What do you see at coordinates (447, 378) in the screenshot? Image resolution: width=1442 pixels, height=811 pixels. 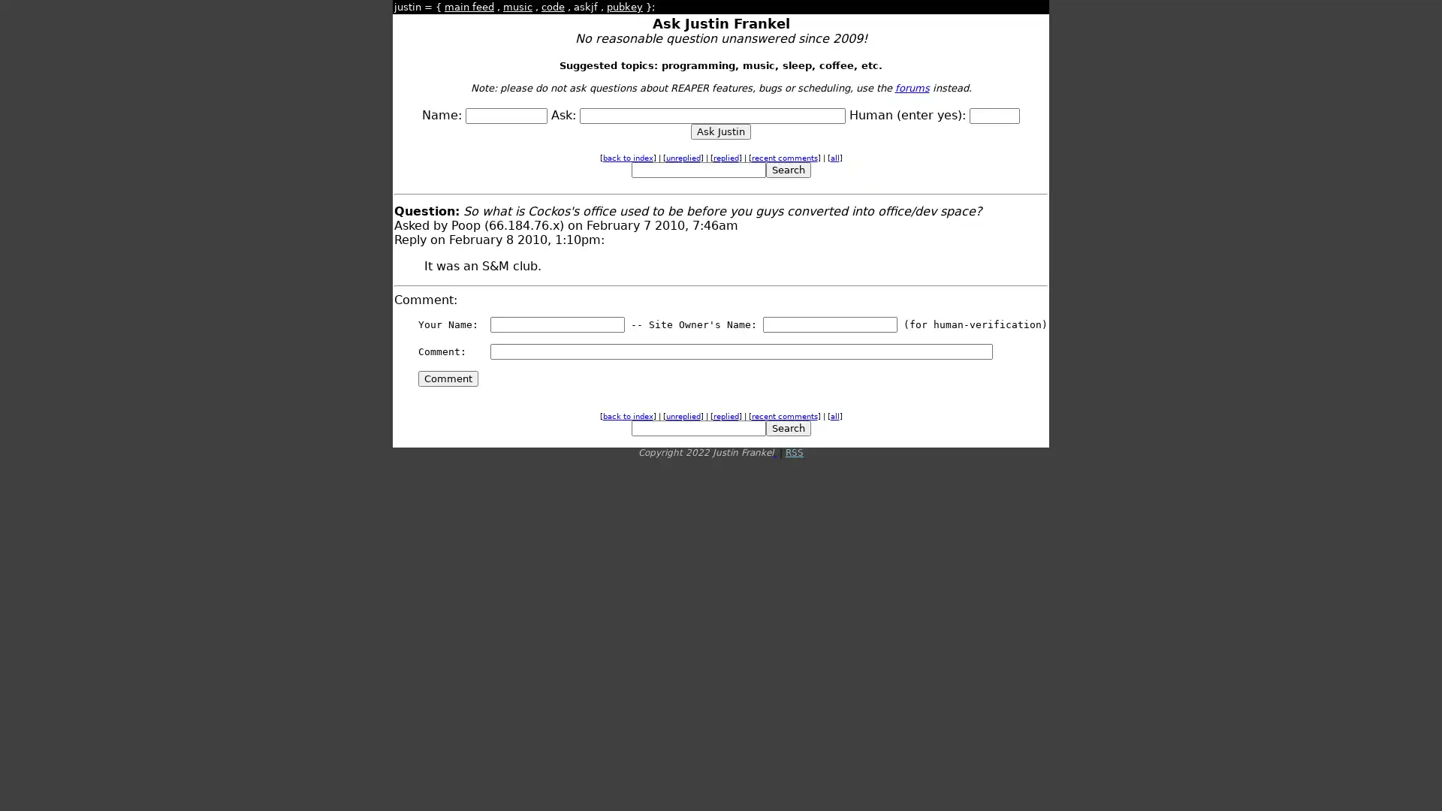 I see `Comment` at bounding box center [447, 378].